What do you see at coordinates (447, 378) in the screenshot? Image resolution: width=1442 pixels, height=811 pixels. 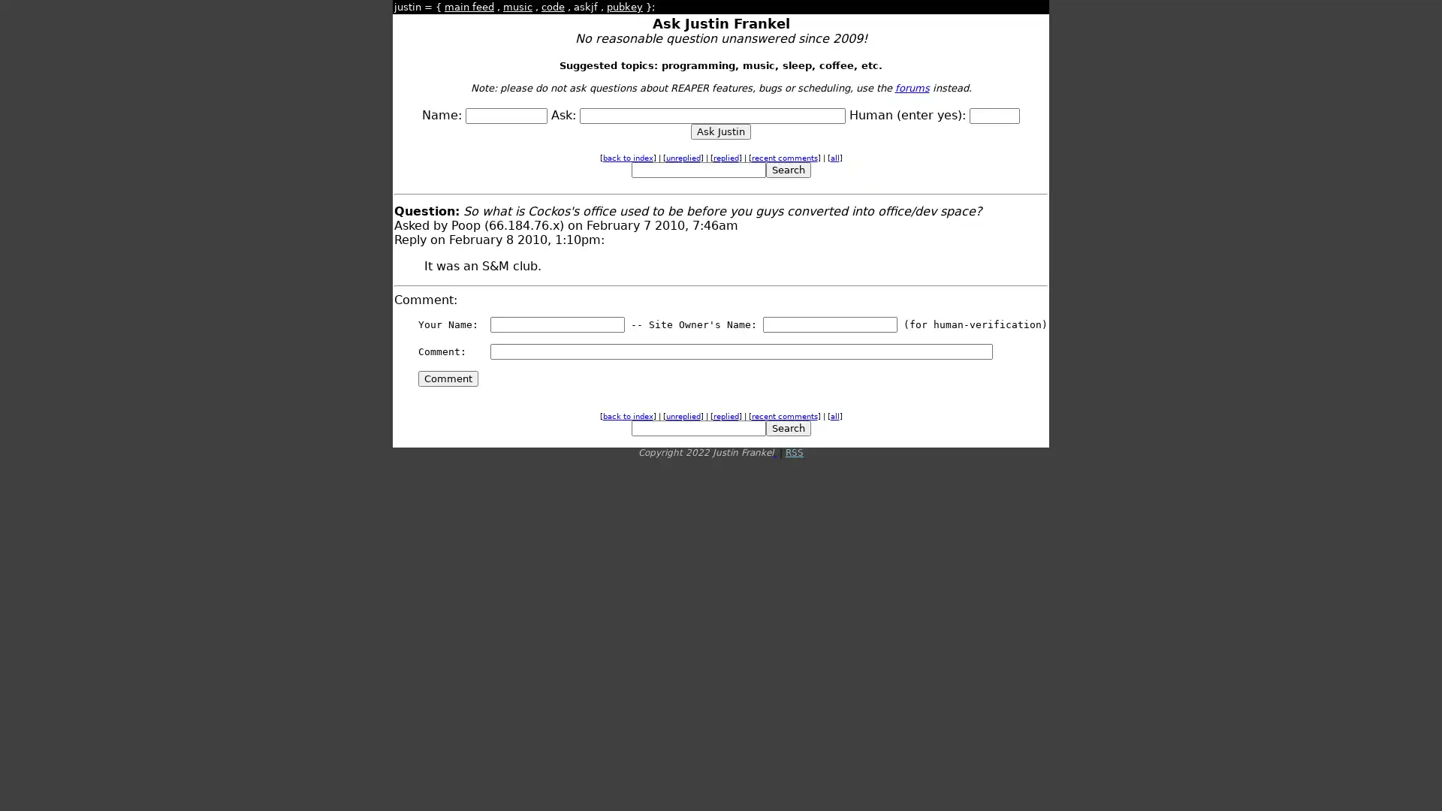 I see `Comment` at bounding box center [447, 378].